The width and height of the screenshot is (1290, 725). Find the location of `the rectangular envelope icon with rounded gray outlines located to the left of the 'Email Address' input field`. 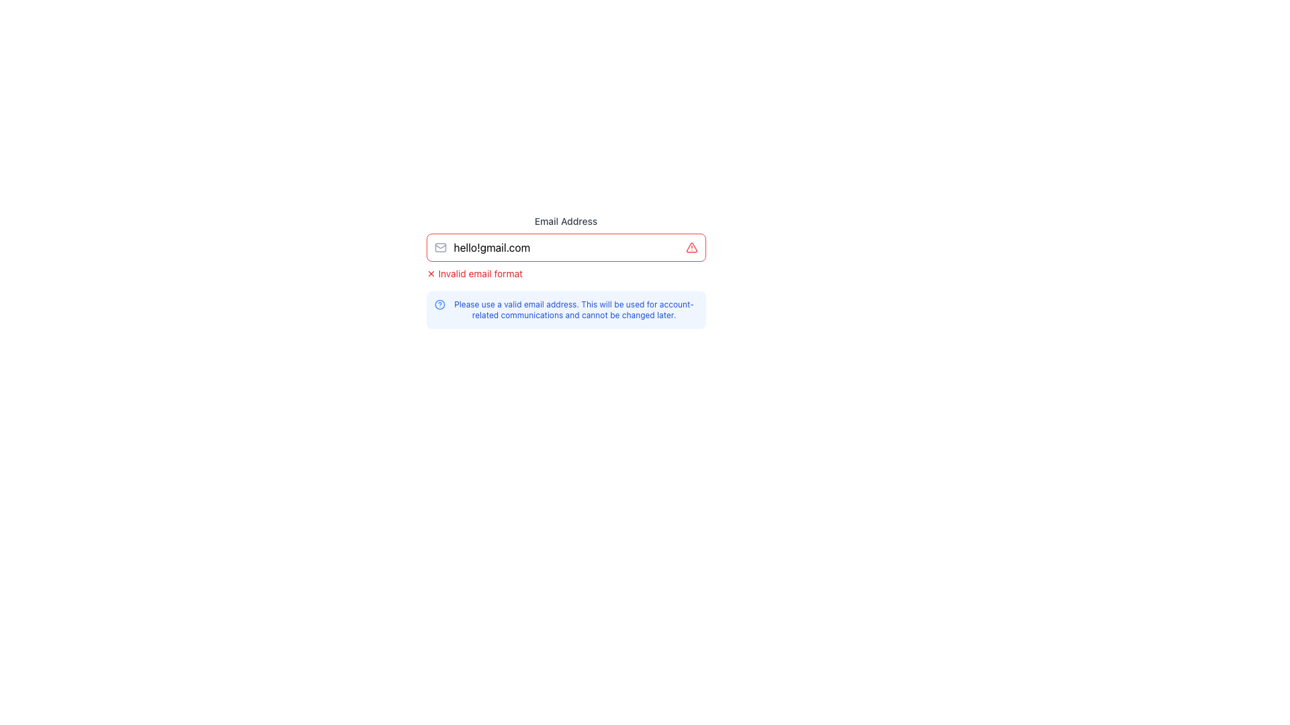

the rectangular envelope icon with rounded gray outlines located to the left of the 'Email Address' input field is located at coordinates (440, 248).